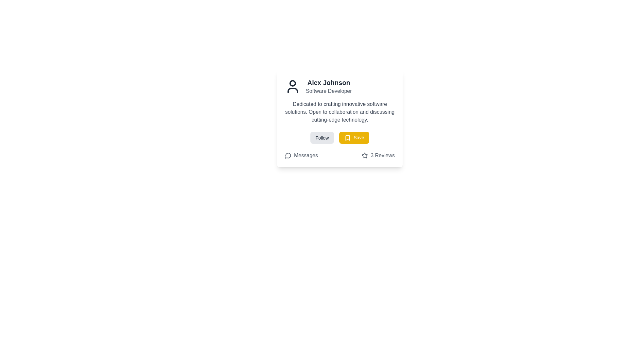 Image resolution: width=628 pixels, height=353 pixels. Describe the element at coordinates (305, 156) in the screenshot. I see `the text label indicating messaging-related functionality, located immediately to the right of a small speech bubble icon` at that location.